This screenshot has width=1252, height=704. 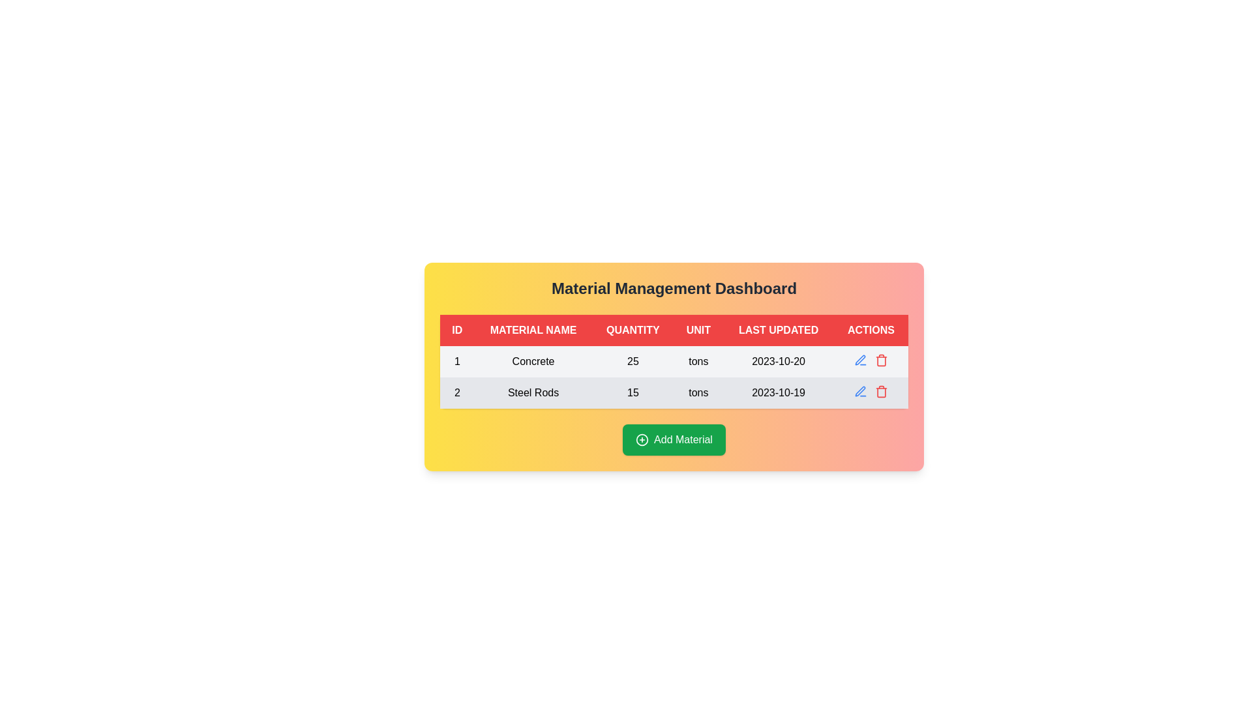 I want to click on the Text label in the 'UNIT' column of the Material Management Dashboard that indicates the unit of measurement for the 'QUANTITY' column, specifically for the 'Concrete' entry, so click(x=698, y=362).